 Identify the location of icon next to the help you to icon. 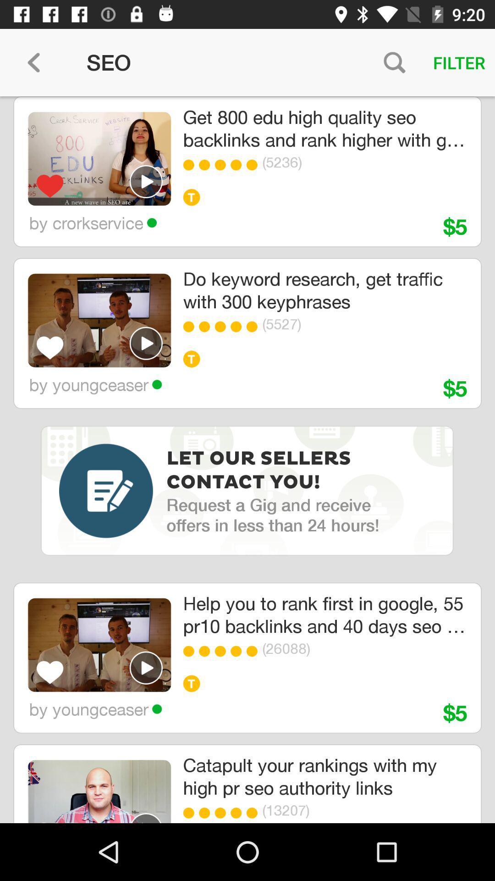
(99, 644).